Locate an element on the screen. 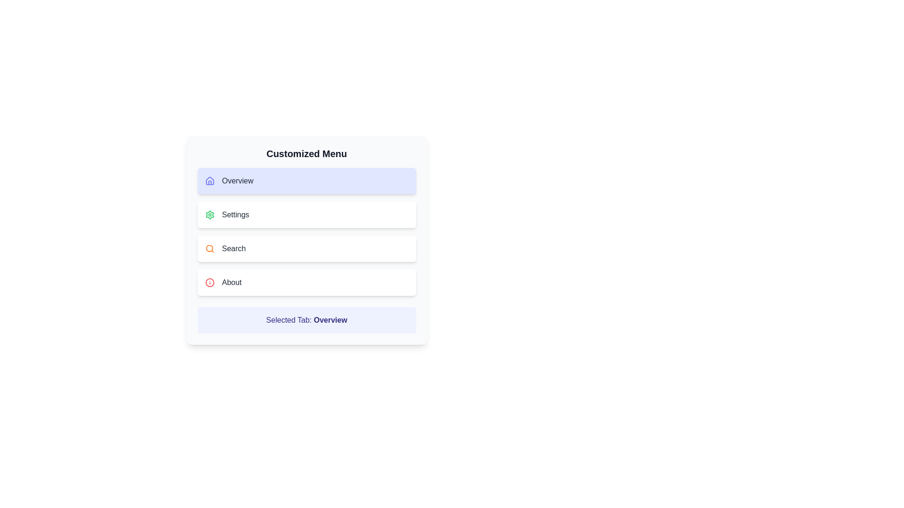 Image resolution: width=904 pixels, height=508 pixels. the tab labeled About from the menu is located at coordinates (307, 282).